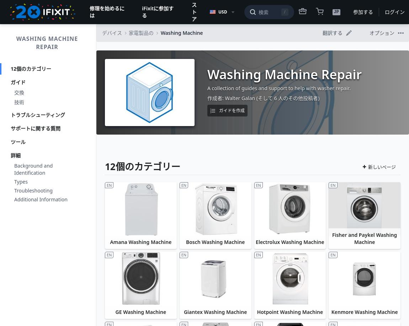  What do you see at coordinates (115, 311) in the screenshot?
I see `'GE Washing Machine'` at bounding box center [115, 311].